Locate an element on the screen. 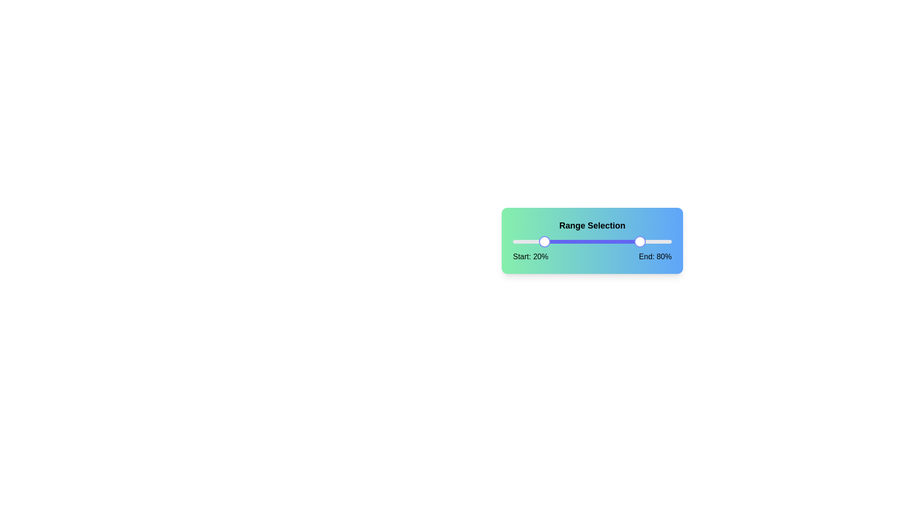  the end value of the range slider is located at coordinates (648, 241).